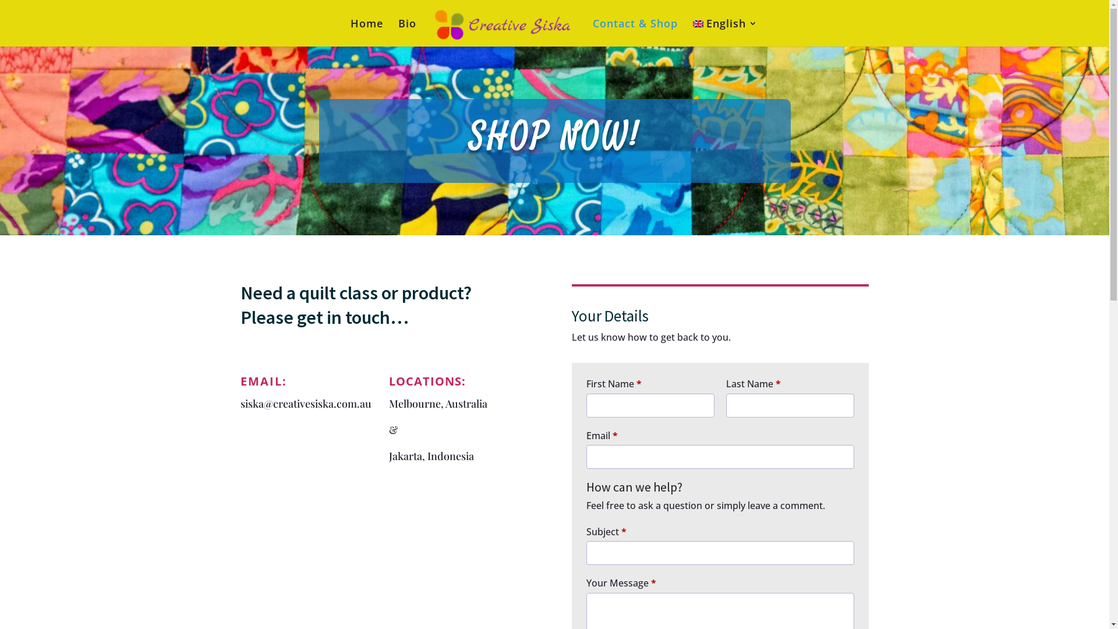 This screenshot has height=629, width=1118. I want to click on 'SHOP NOW!', so click(554, 136).